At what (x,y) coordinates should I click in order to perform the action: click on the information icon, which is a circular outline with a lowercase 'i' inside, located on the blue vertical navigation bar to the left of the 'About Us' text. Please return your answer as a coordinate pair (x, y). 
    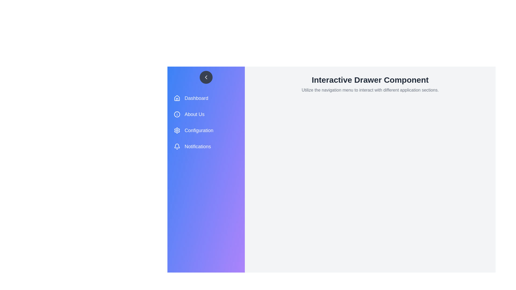
    Looking at the image, I should click on (177, 114).